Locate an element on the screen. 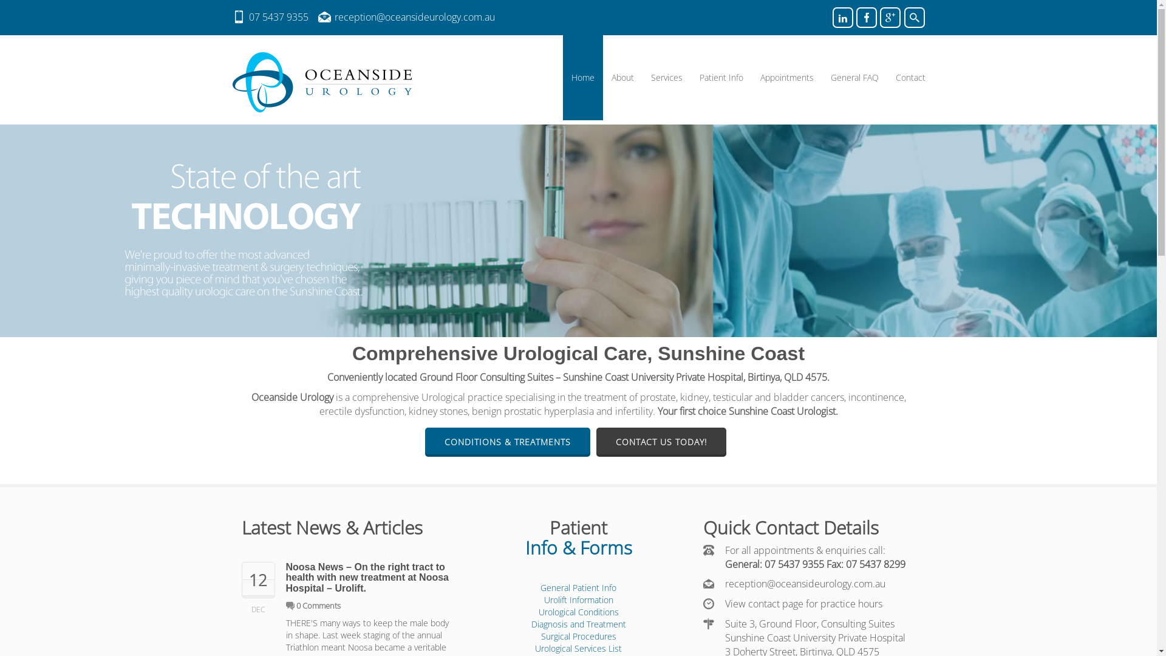 Image resolution: width=1166 pixels, height=656 pixels. 'Urolift Information' is located at coordinates (578, 599).